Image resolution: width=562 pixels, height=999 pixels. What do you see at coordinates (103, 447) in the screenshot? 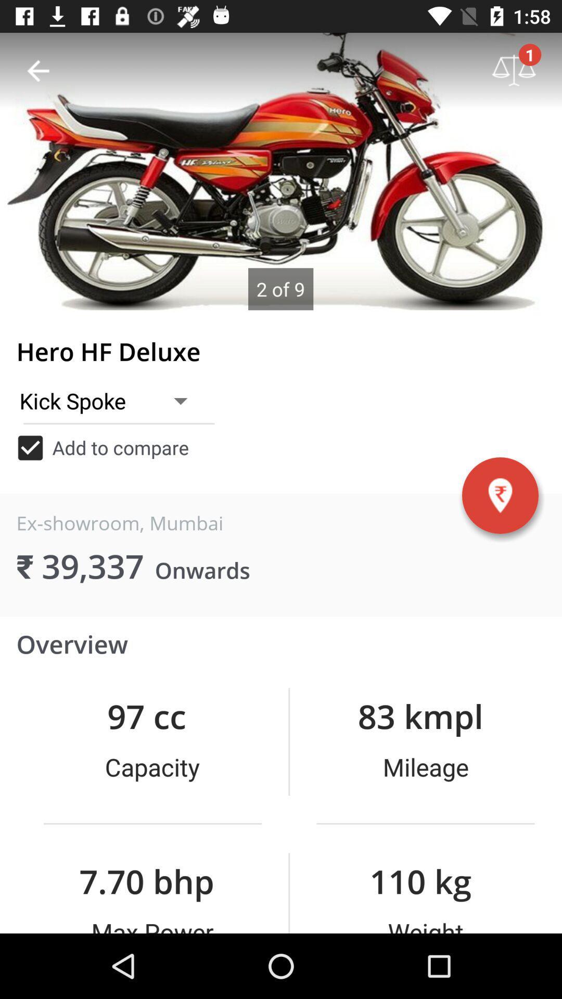
I see `add to compare` at bounding box center [103, 447].